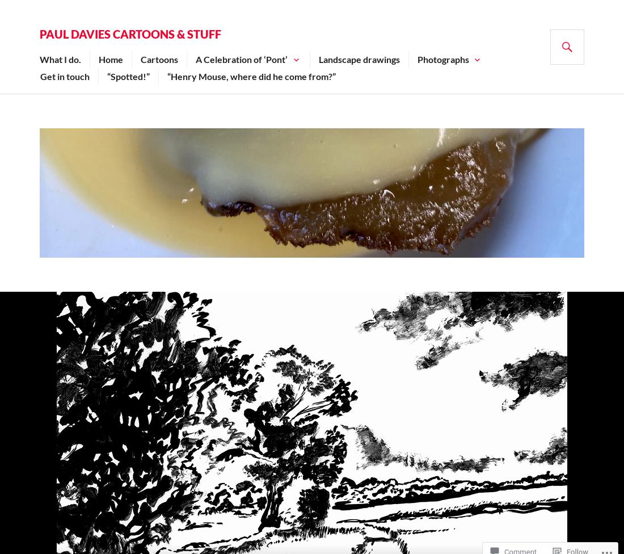 This screenshot has width=624, height=554. What do you see at coordinates (442, 59) in the screenshot?
I see `'Photographs'` at bounding box center [442, 59].